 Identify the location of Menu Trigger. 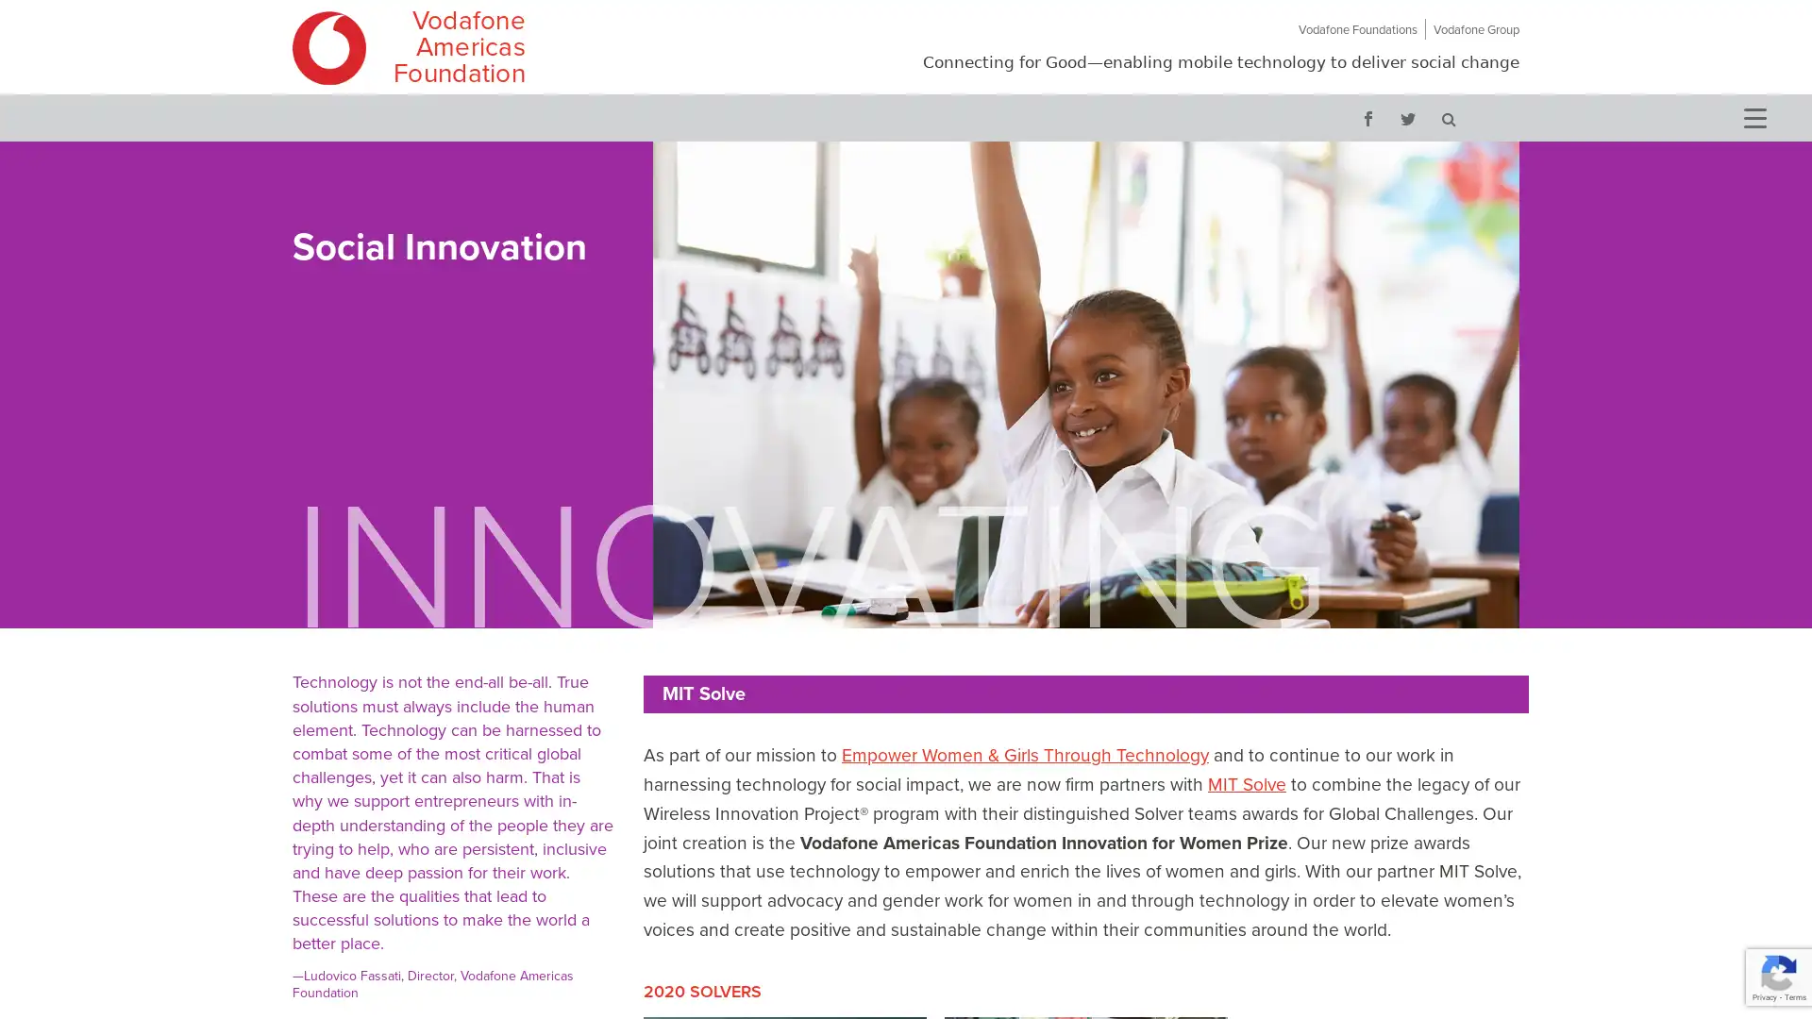
(1753, 116).